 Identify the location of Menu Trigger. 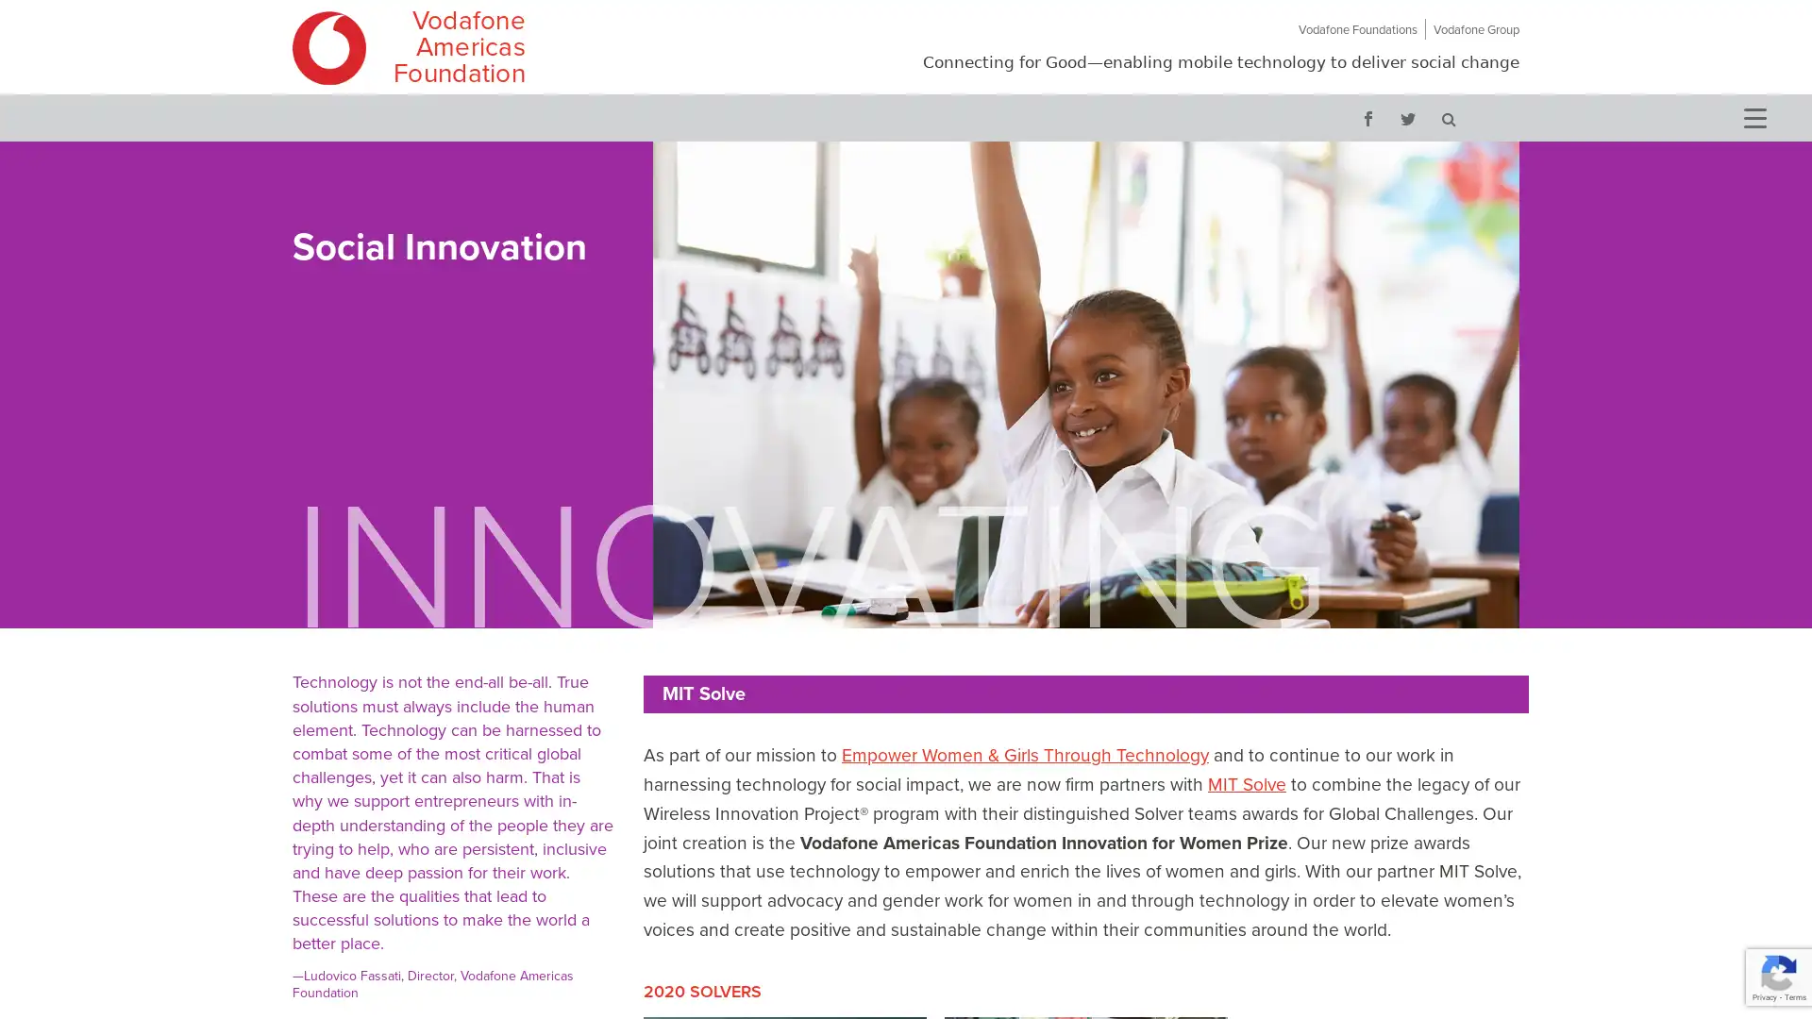
(1753, 116).